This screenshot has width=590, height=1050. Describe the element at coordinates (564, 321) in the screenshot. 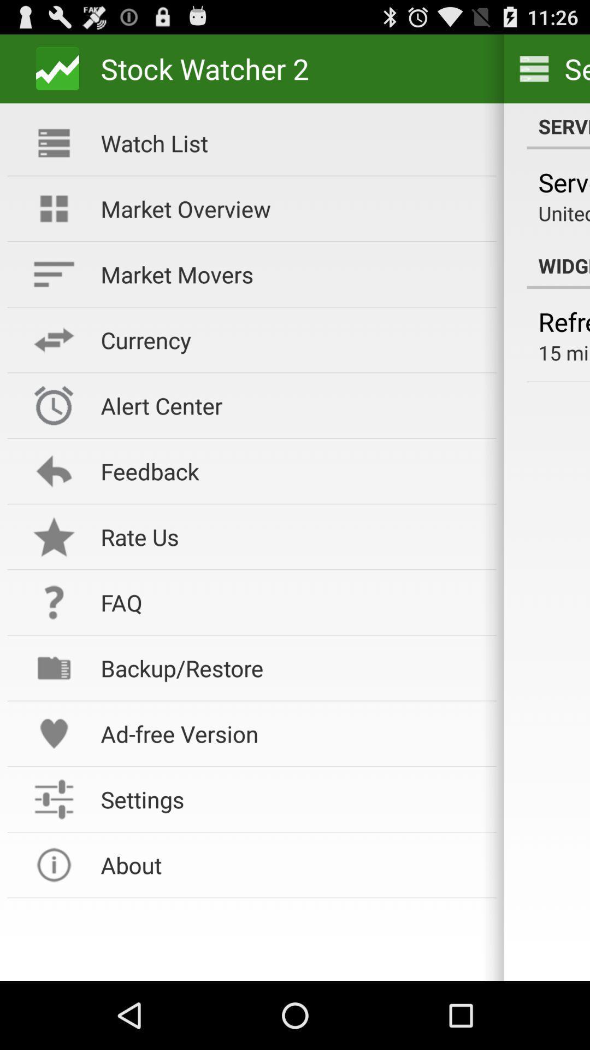

I see `icon above 15 minutes` at that location.